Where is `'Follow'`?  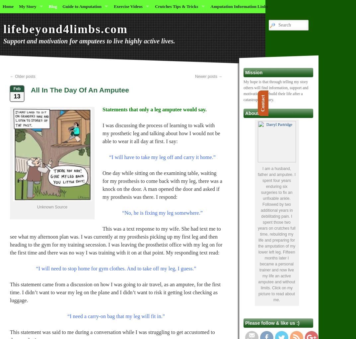
'Follow' is located at coordinates (283, 320).